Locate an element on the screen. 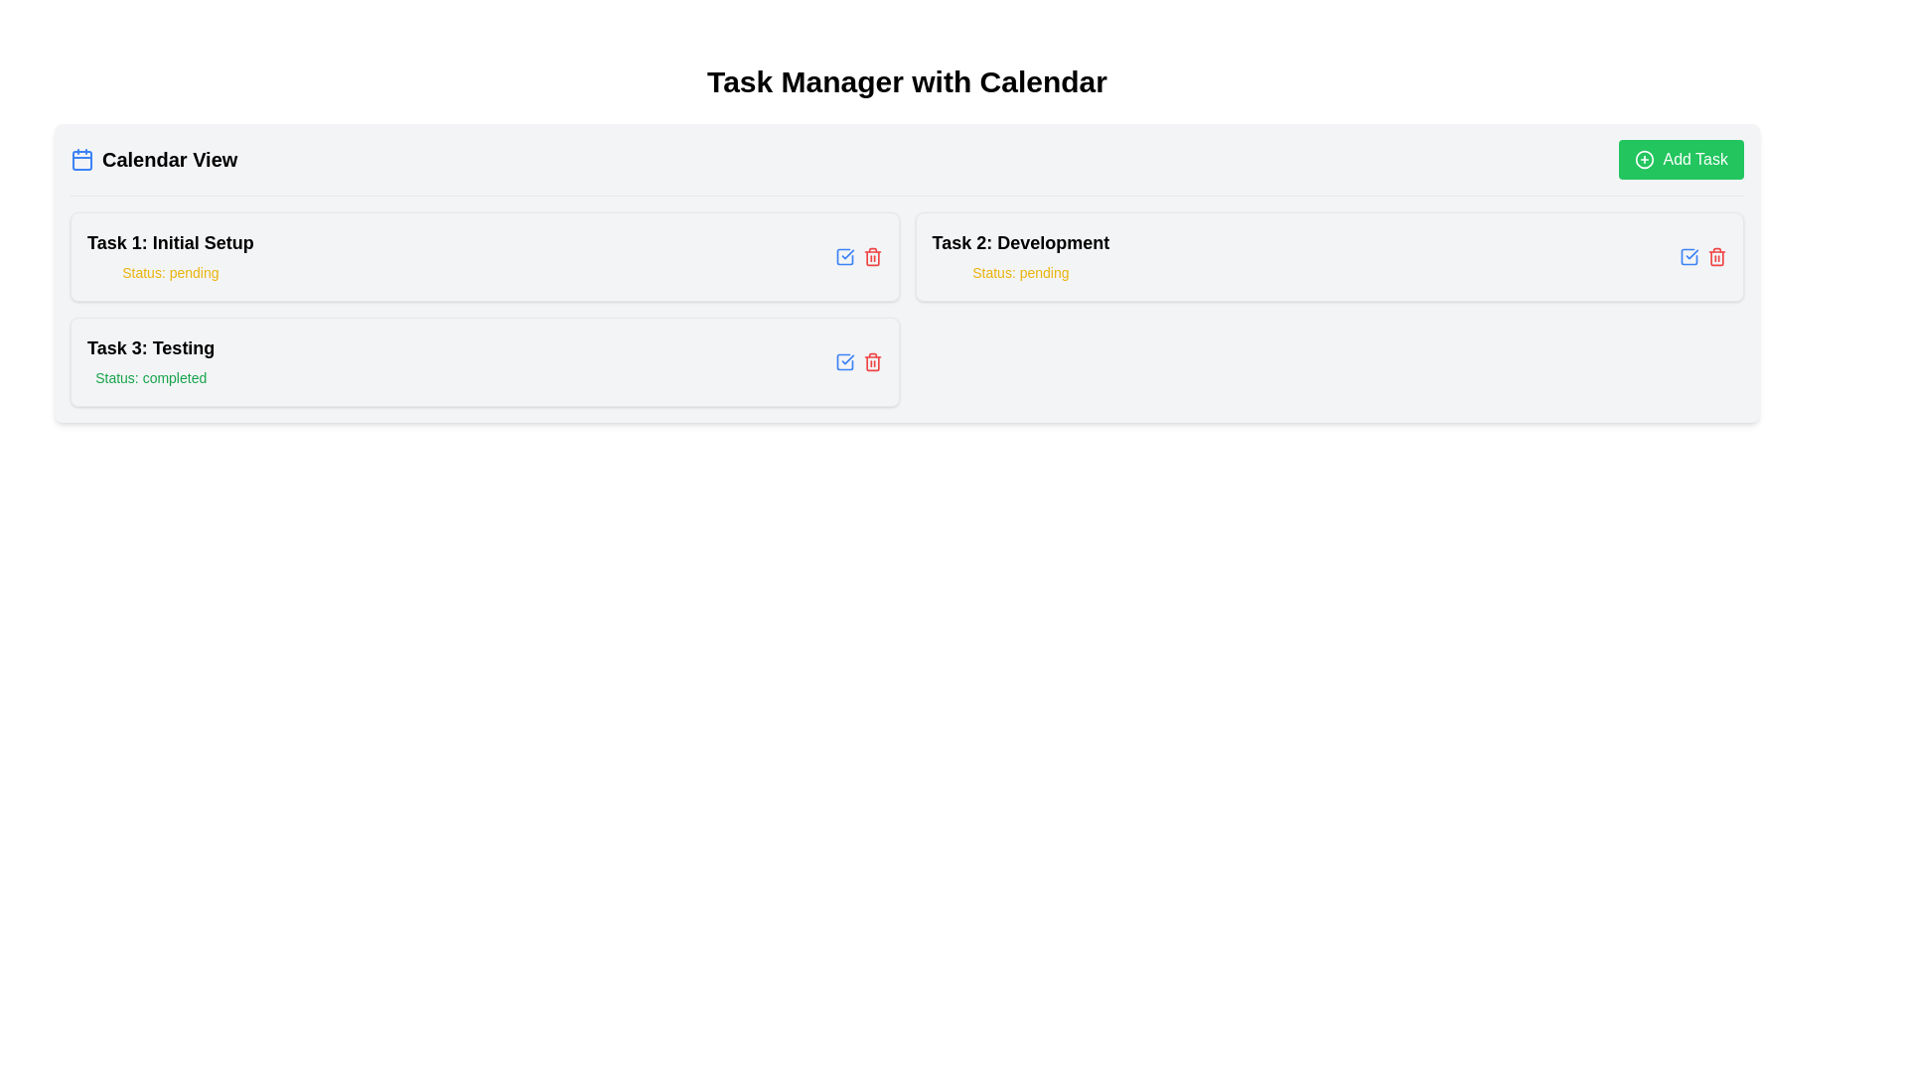 The width and height of the screenshot is (1907, 1072). the blue checkmark button located to the left of the red trash icon is located at coordinates (1687, 255).